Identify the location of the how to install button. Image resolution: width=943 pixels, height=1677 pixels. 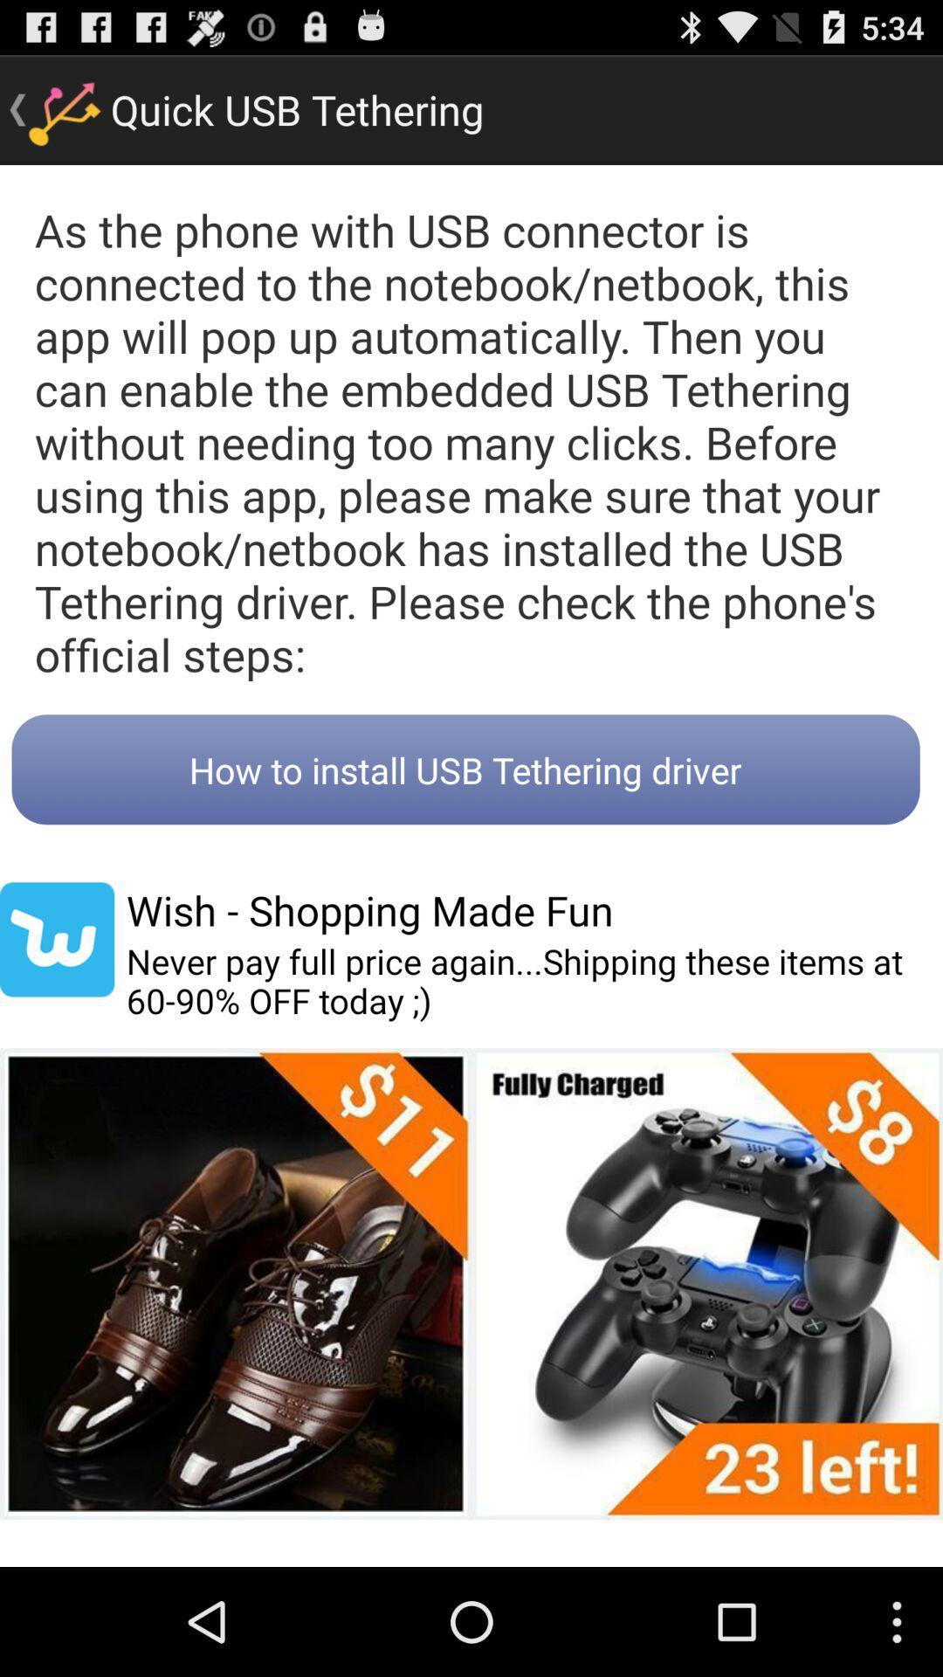
(465, 769).